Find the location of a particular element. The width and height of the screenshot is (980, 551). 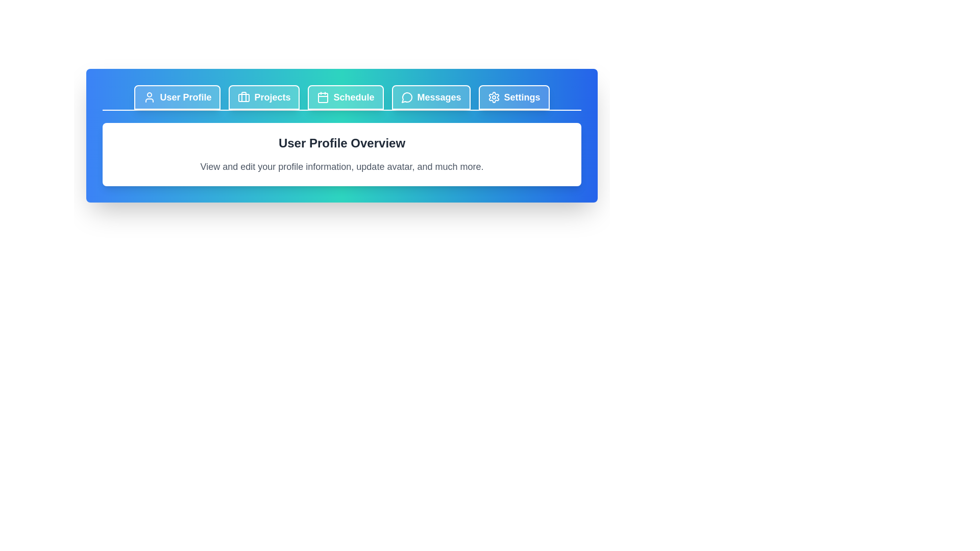

the 'User Profile' button, which is a rectangular button with a blue background and a user silhouette icon, located in the top-center navigation bar is located at coordinates (177, 97).